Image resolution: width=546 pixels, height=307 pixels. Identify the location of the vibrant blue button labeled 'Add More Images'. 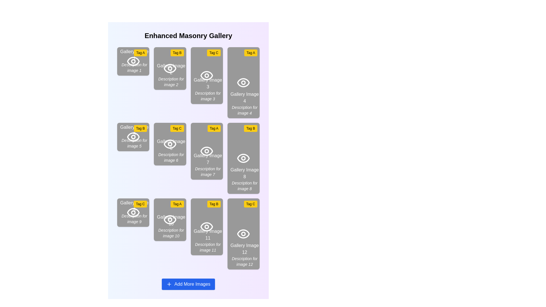
(188, 284).